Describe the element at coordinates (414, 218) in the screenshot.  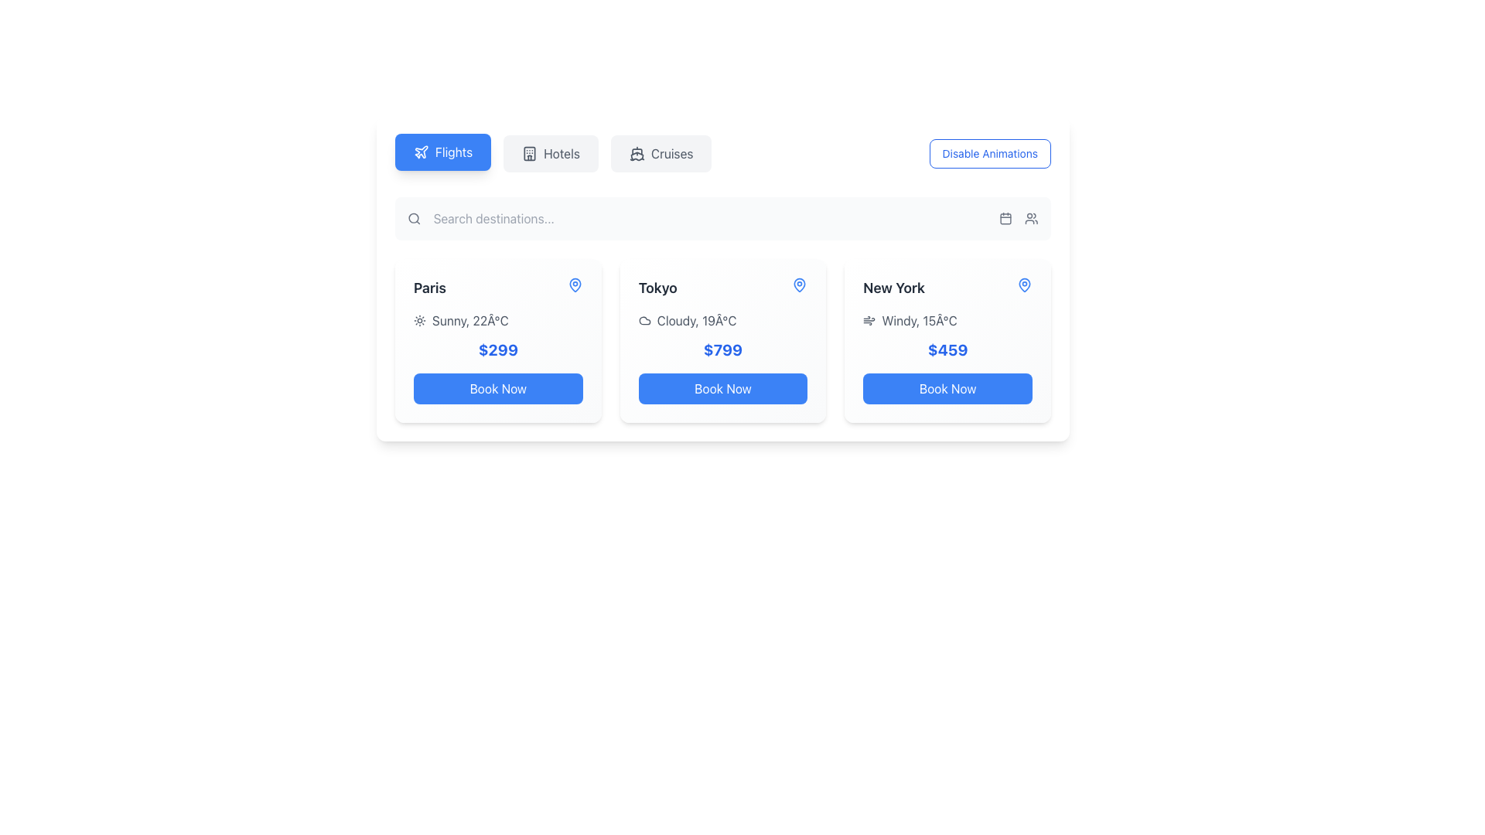
I see `the interactive region of the magnifying glass icon, which contains the small circular graphical component` at that location.